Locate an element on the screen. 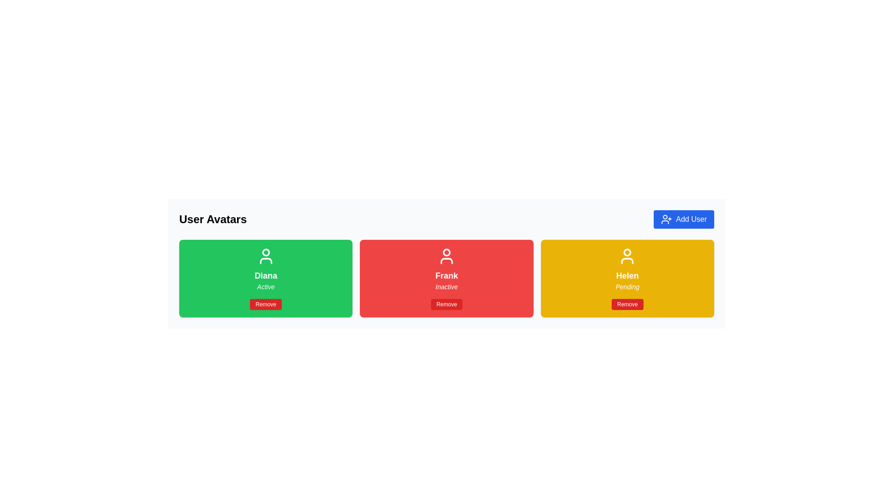 The width and height of the screenshot is (887, 499). the 'Pending' text label, which is styled in italic font on a yellow background and indicates the user's status, located below the 'Helen' text and above the 'Remove' button is located at coordinates (627, 286).